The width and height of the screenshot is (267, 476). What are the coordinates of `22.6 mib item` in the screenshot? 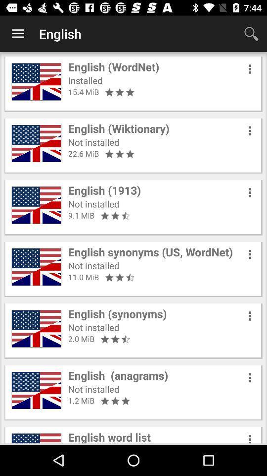 It's located at (83, 153).